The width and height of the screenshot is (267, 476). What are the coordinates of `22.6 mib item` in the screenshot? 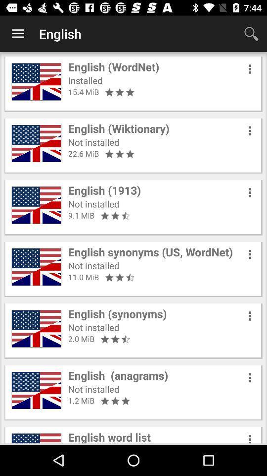 It's located at (83, 153).